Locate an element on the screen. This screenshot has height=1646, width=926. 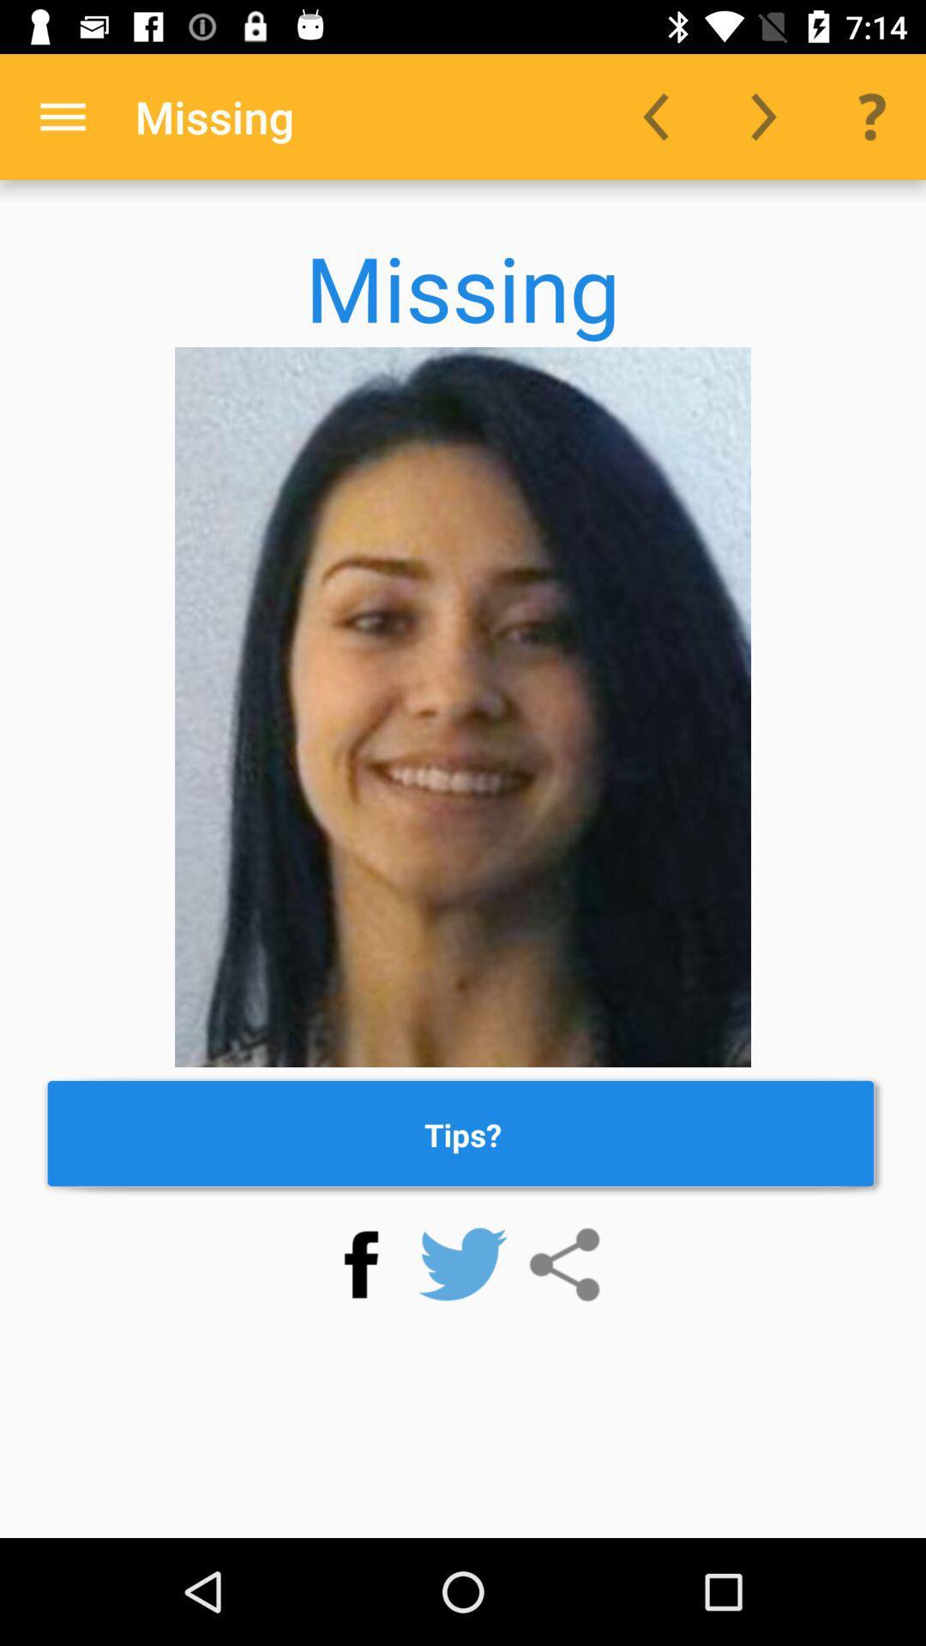
the twitter icon is located at coordinates (463, 1265).